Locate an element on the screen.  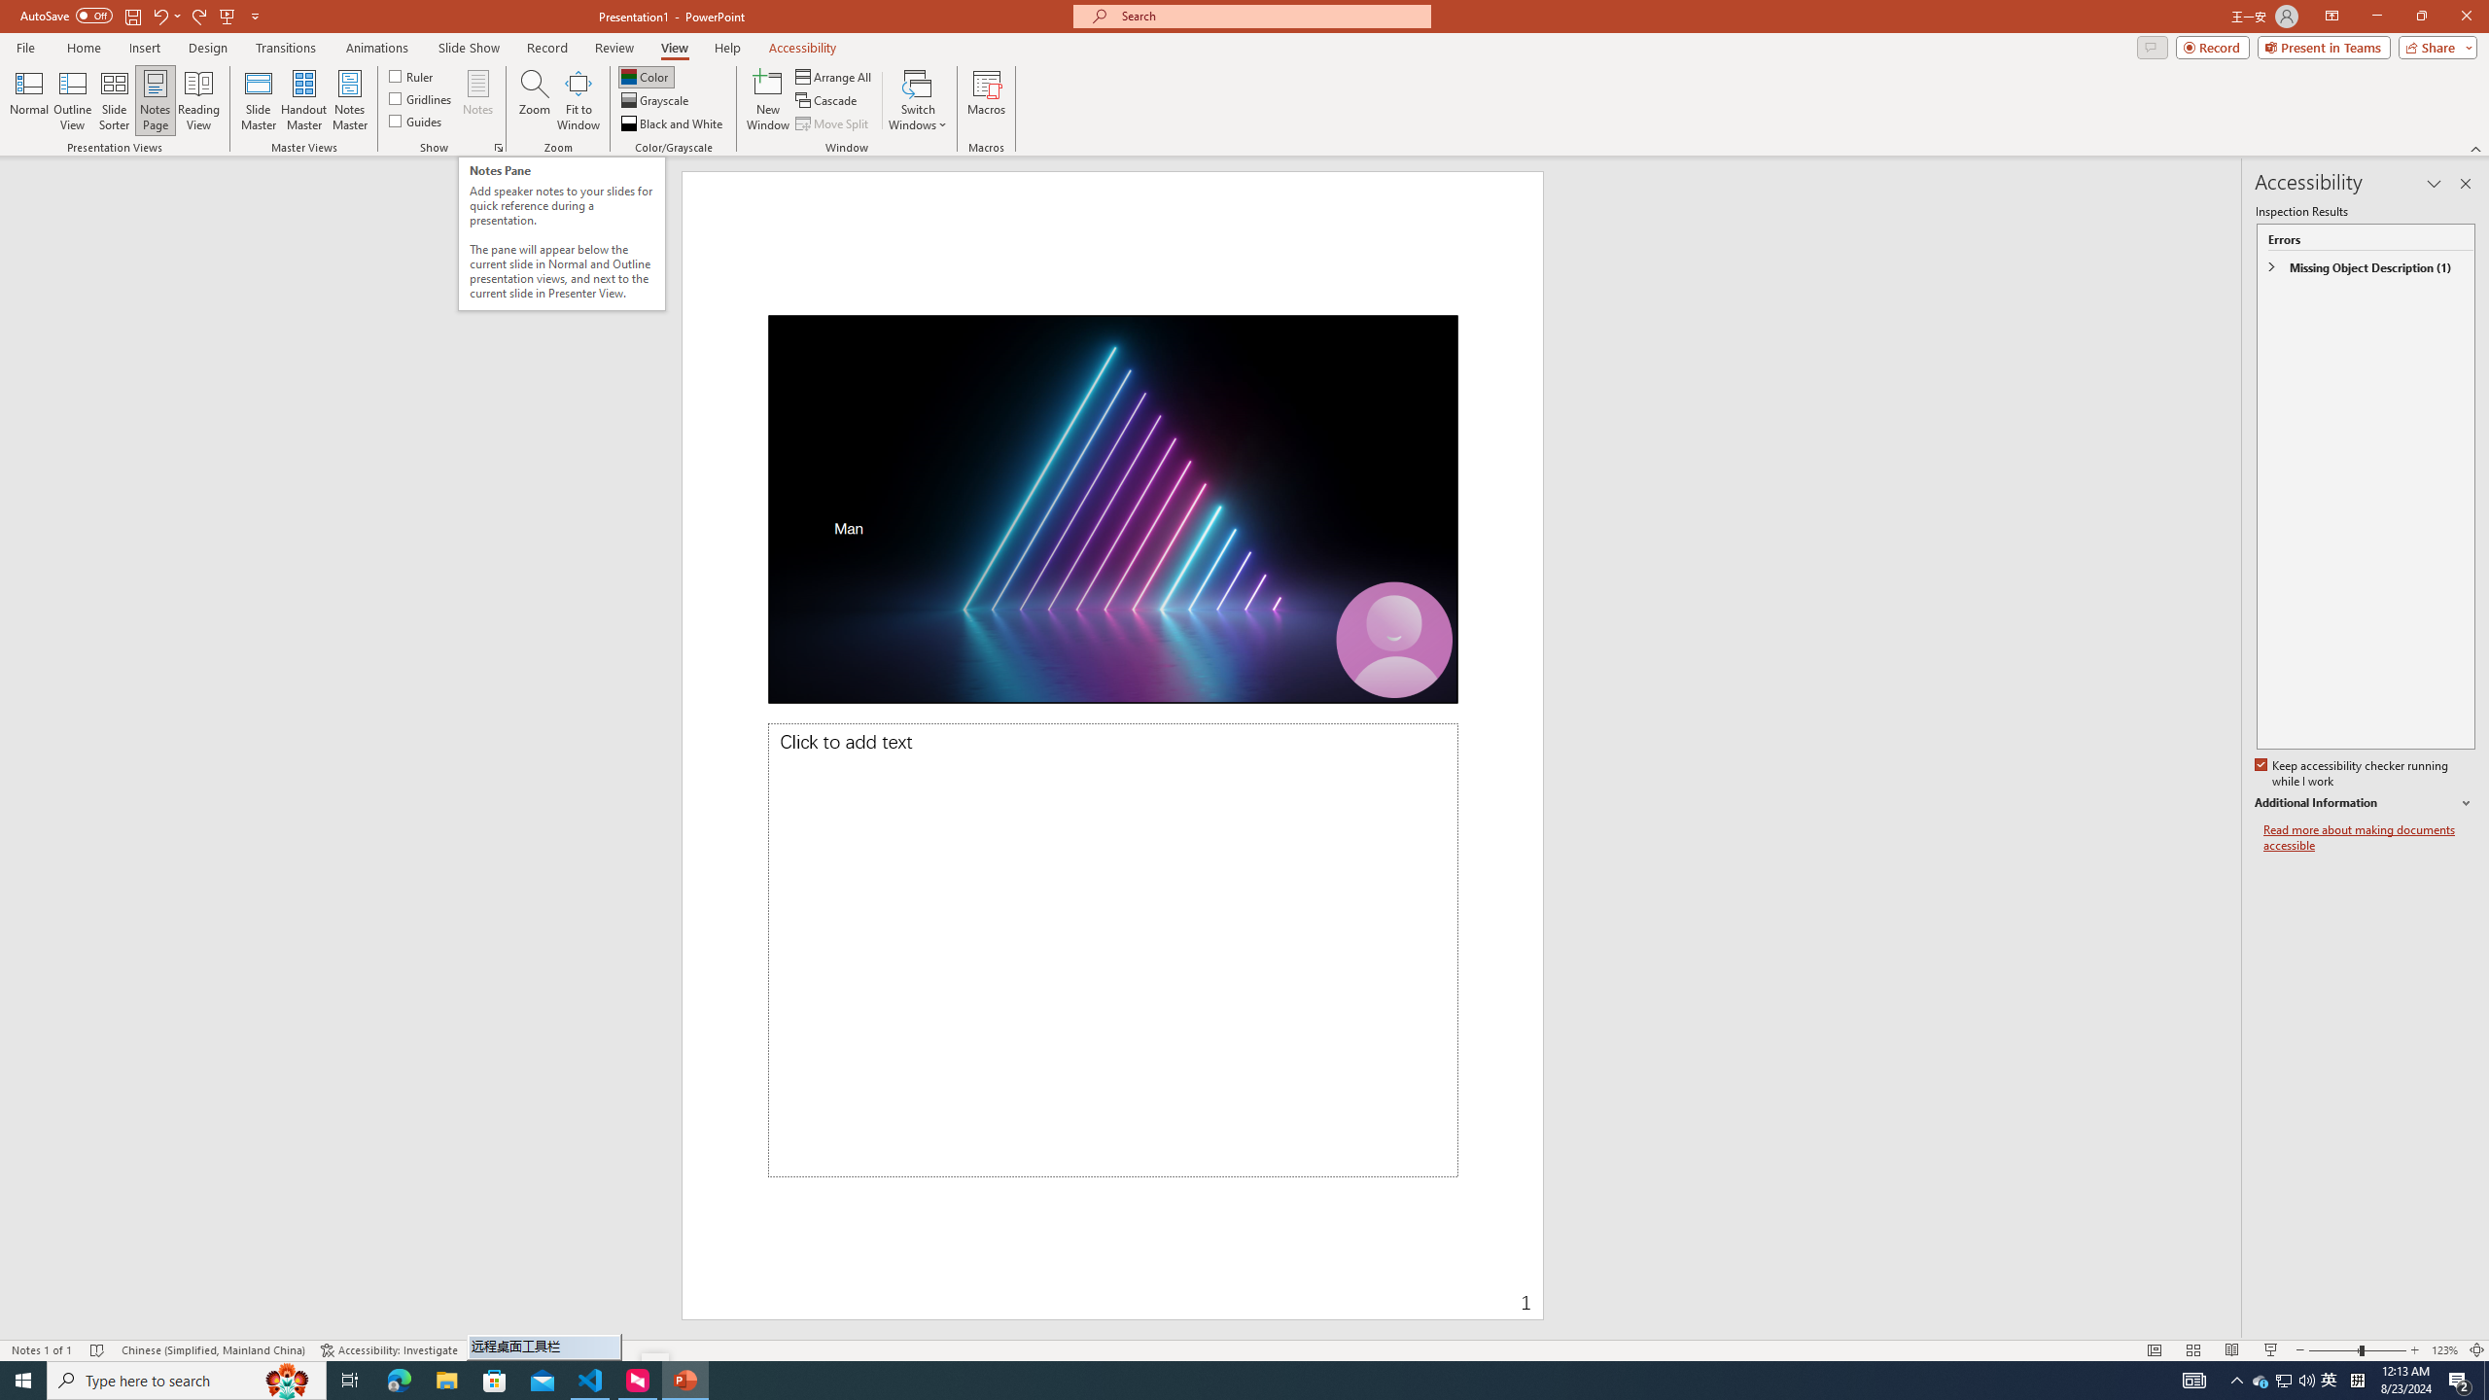
'Handout Master' is located at coordinates (302, 100).